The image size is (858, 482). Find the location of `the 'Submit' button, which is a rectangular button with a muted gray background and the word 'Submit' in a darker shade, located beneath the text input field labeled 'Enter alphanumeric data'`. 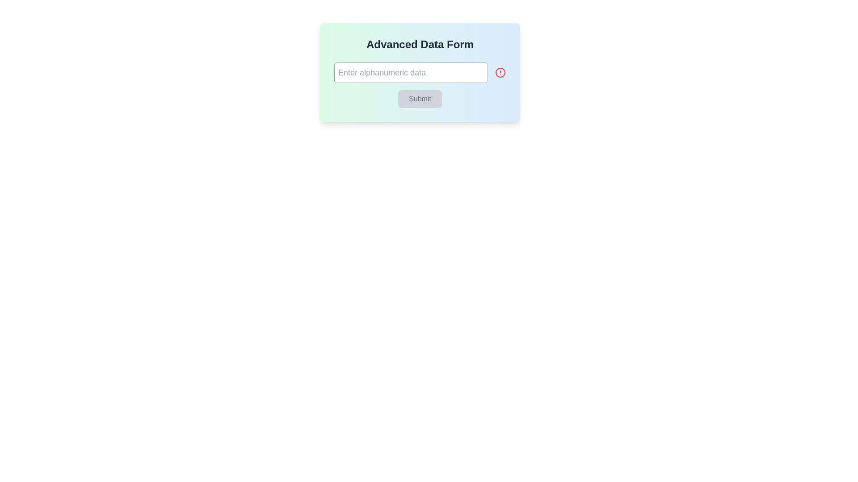

the 'Submit' button, which is a rectangular button with a muted gray background and the word 'Submit' in a darker shade, located beneath the text input field labeled 'Enter alphanumeric data' is located at coordinates (420, 99).